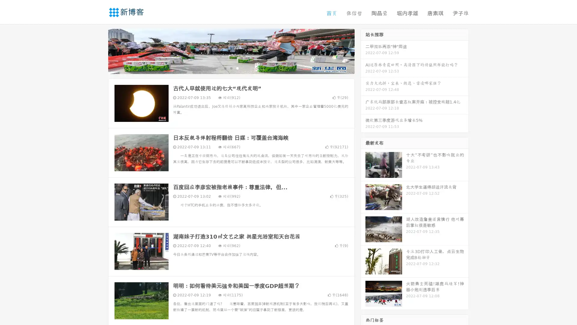 The height and width of the screenshot is (325, 577). I want to click on Go to slide 2, so click(231, 68).